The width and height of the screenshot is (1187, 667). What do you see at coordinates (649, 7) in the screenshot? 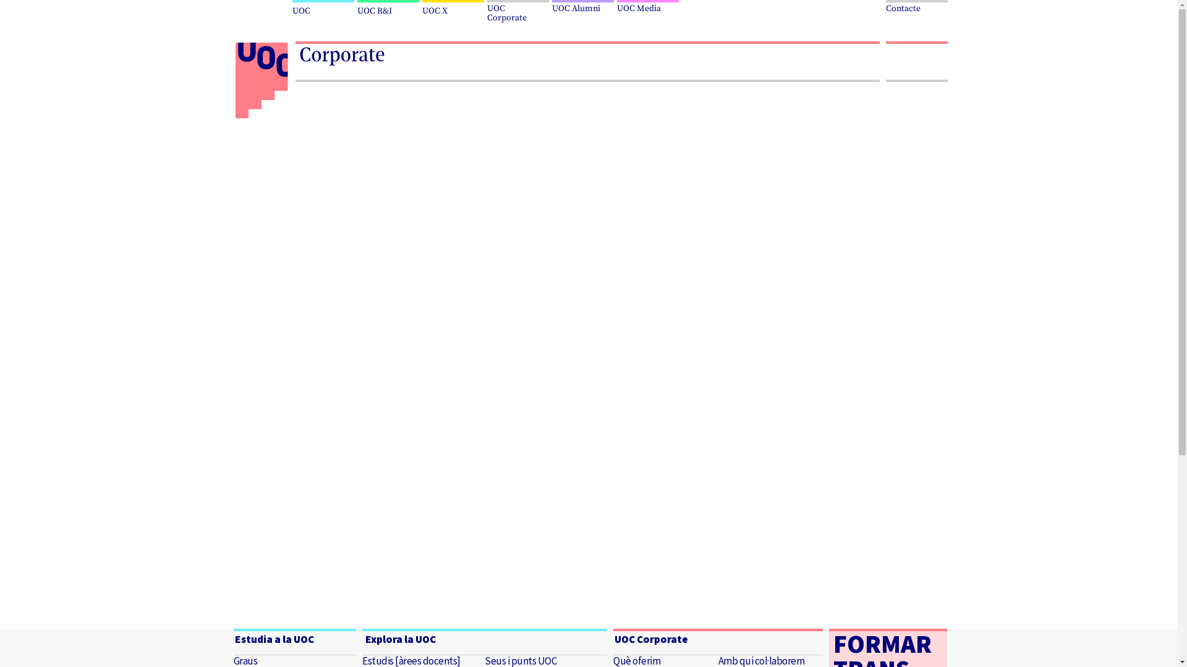
I see `'UOC Media'` at bounding box center [649, 7].